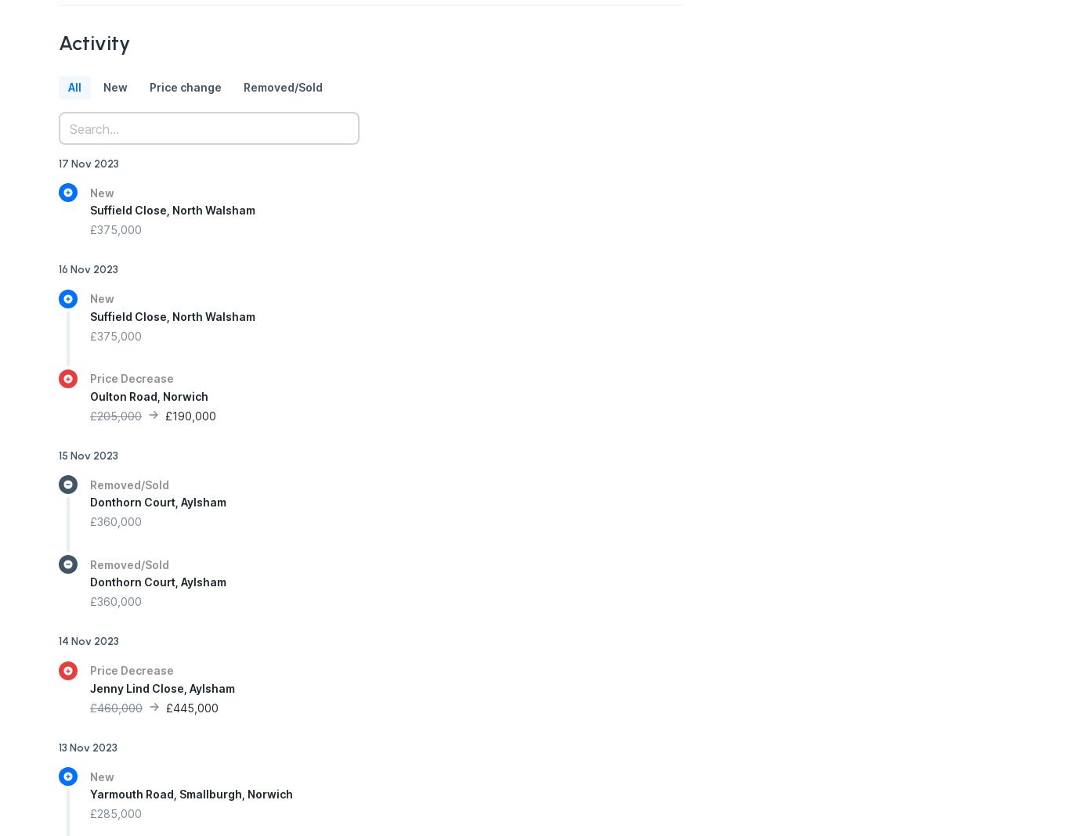 This screenshot has height=836, width=1070. Describe the element at coordinates (89, 415) in the screenshot. I see `'£205,000'` at that location.